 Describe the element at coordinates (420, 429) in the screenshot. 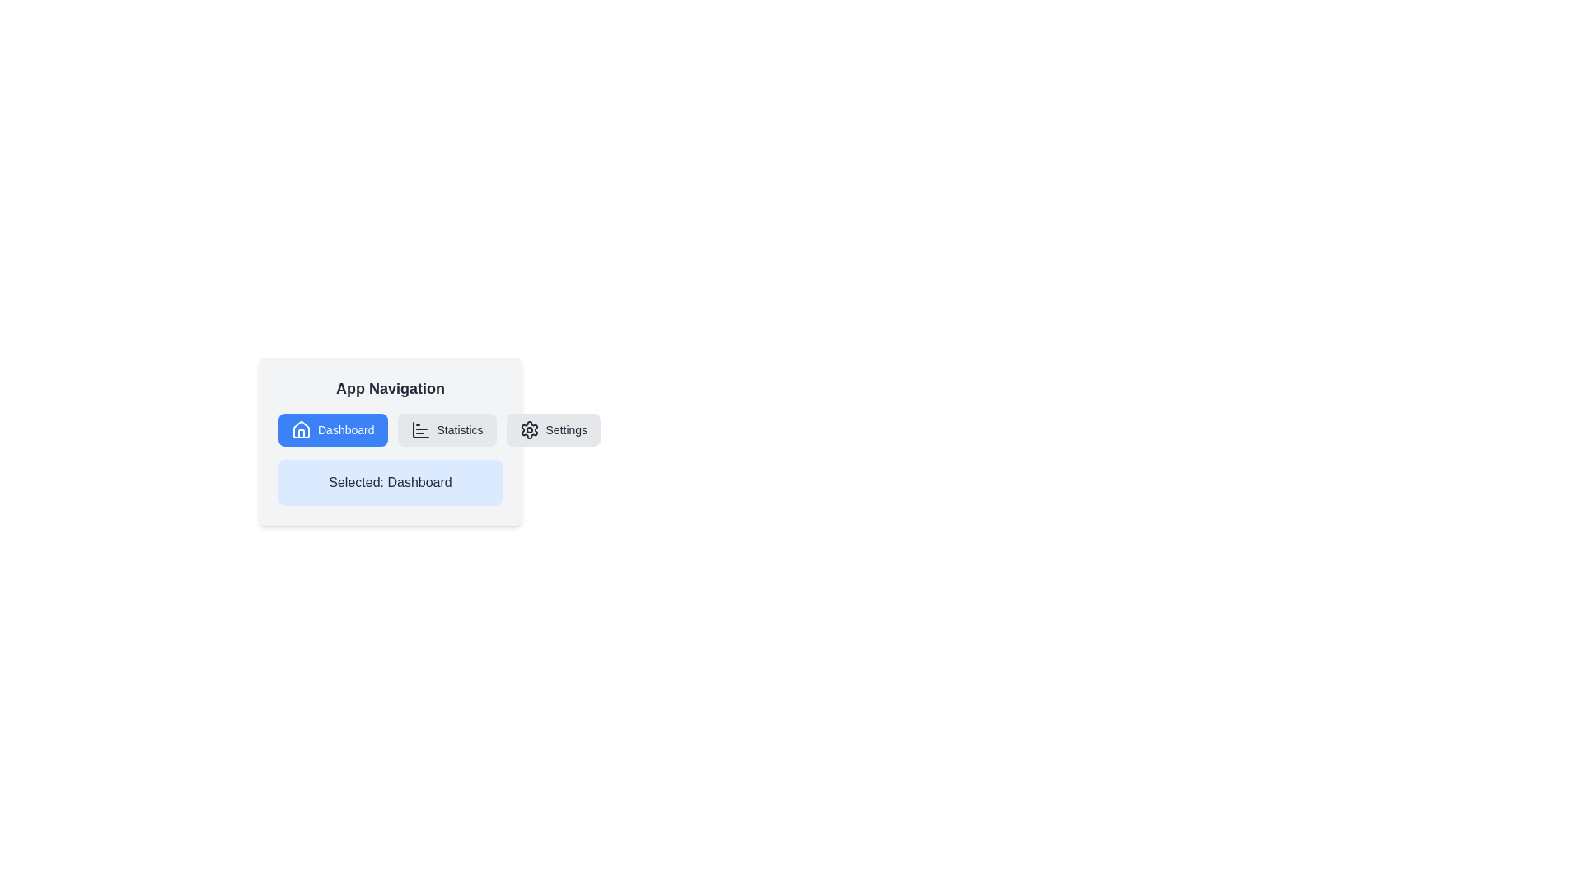

I see `the bar chart icon located to the left of the 'Statistics' label` at that location.